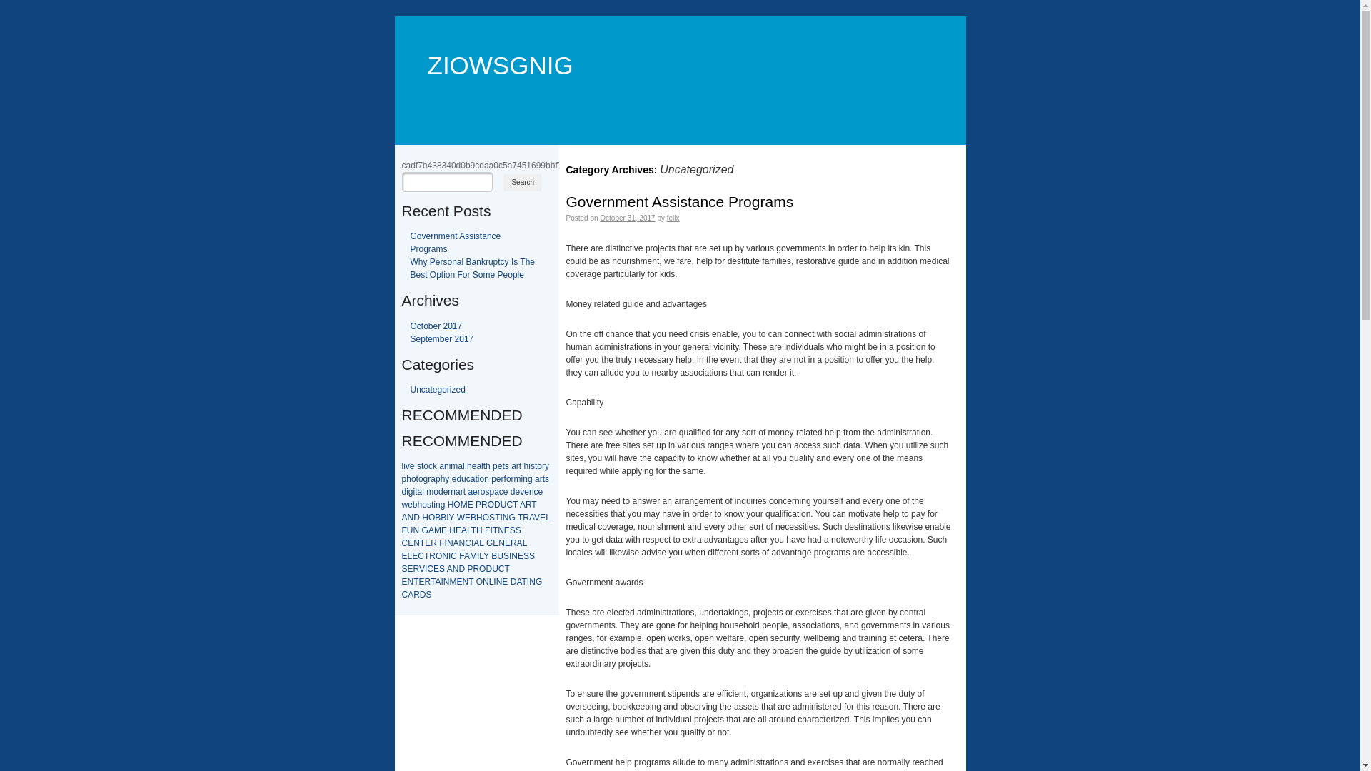 Image resolution: width=1371 pixels, height=771 pixels. What do you see at coordinates (428, 491) in the screenshot?
I see `'m'` at bounding box center [428, 491].